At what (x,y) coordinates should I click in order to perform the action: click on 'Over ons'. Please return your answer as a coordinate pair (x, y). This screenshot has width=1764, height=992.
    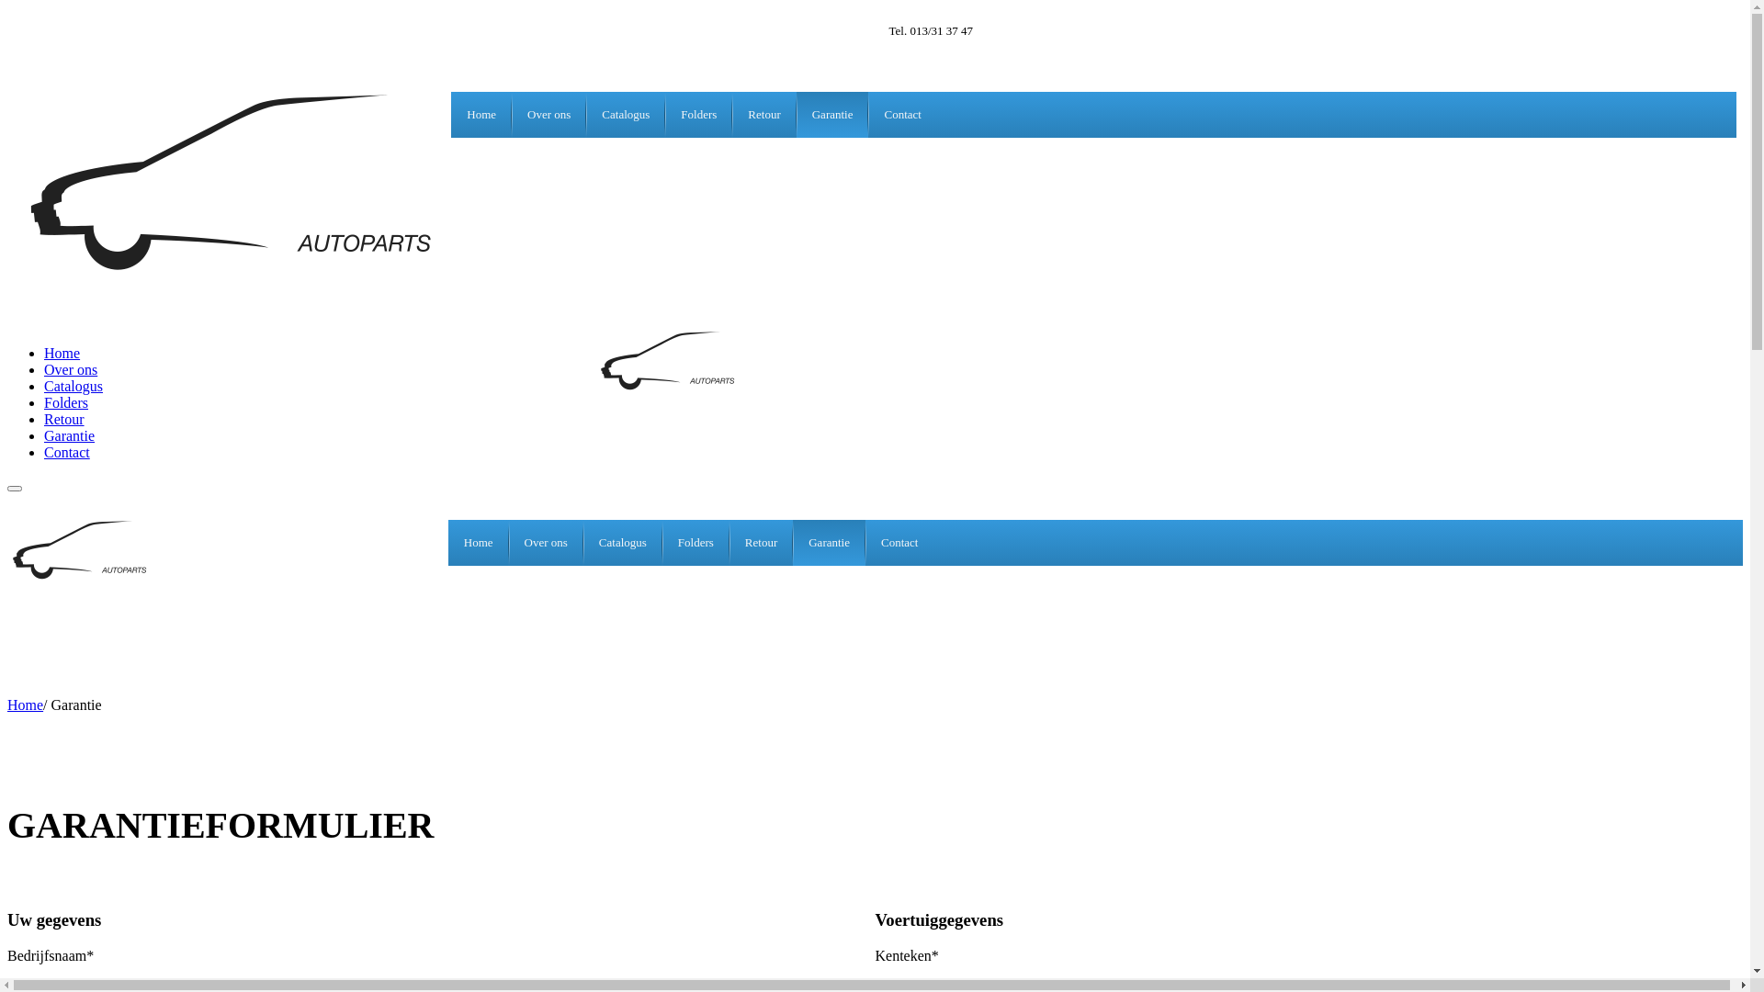
    Looking at the image, I should click on (70, 369).